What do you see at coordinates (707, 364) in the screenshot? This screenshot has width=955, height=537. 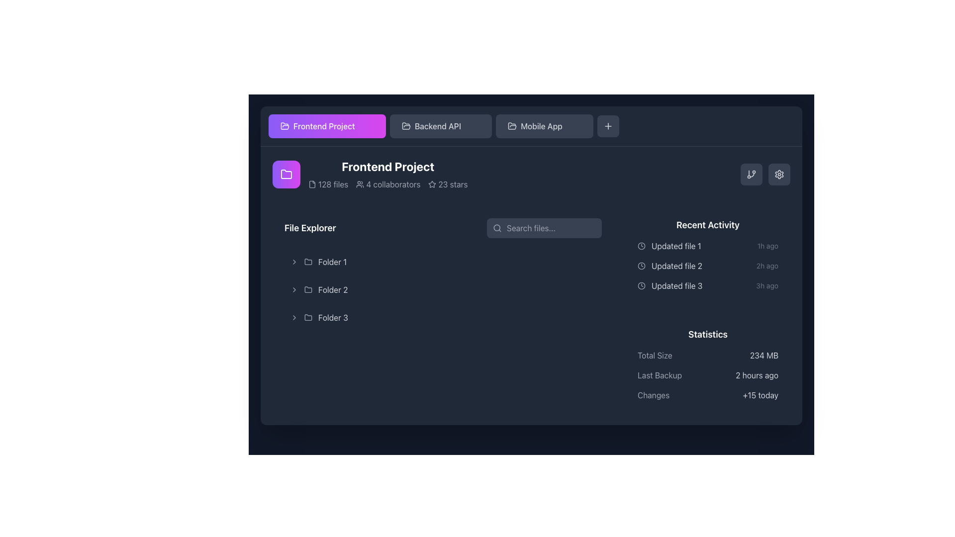 I see `the 'Statistics' informational panel located at the bottom right of the interface, which displays details such as 'Total Size: 234 MB', 'Last Backup: 2 hours ago', and 'Changes: +15 today'` at bounding box center [707, 364].